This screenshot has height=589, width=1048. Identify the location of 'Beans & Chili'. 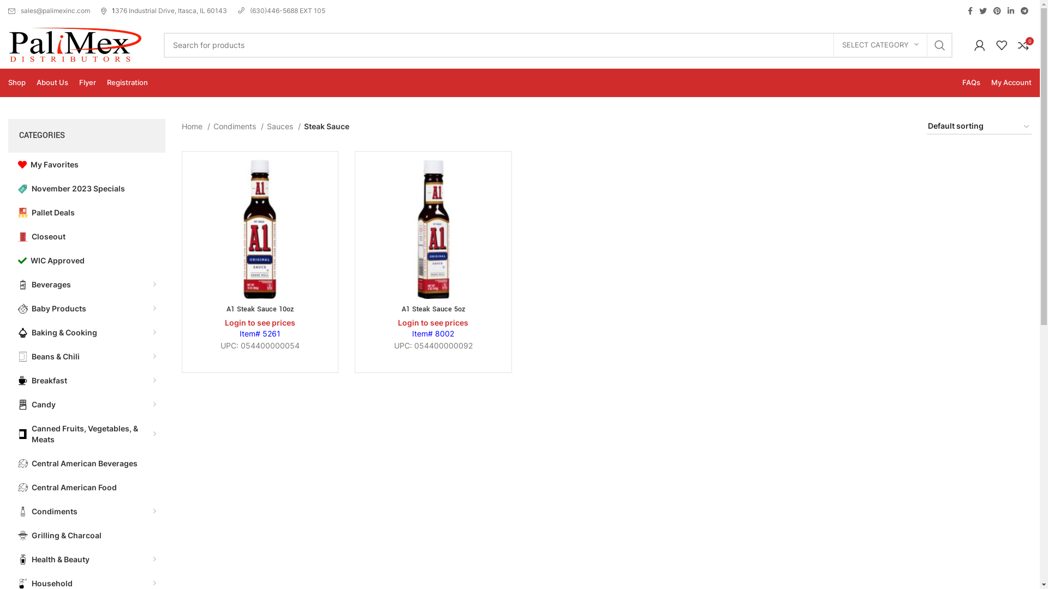
(86, 357).